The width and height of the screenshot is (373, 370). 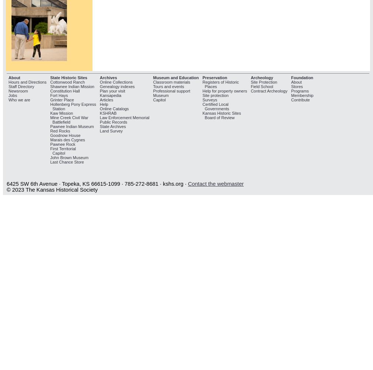 I want to click on 'Tours and events', so click(x=168, y=86).